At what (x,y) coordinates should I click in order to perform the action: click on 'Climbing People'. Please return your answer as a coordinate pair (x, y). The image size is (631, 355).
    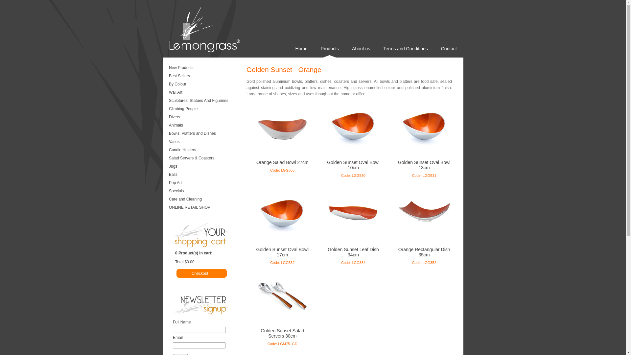
    Looking at the image, I should click on (203, 109).